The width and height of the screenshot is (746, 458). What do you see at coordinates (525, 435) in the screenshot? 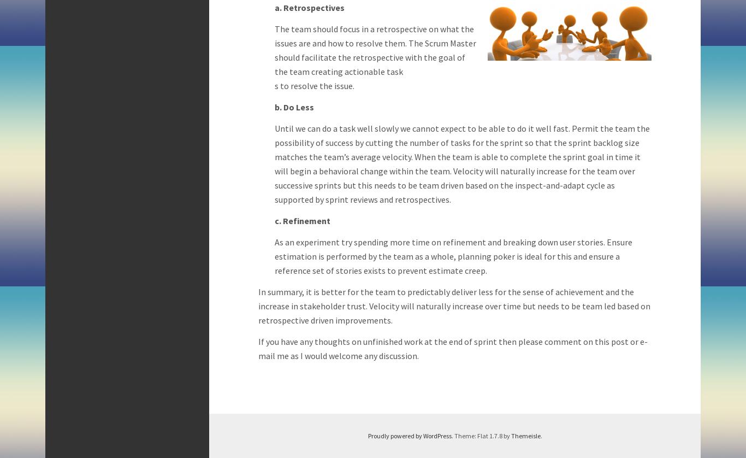
I see `'Themeisle'` at bounding box center [525, 435].